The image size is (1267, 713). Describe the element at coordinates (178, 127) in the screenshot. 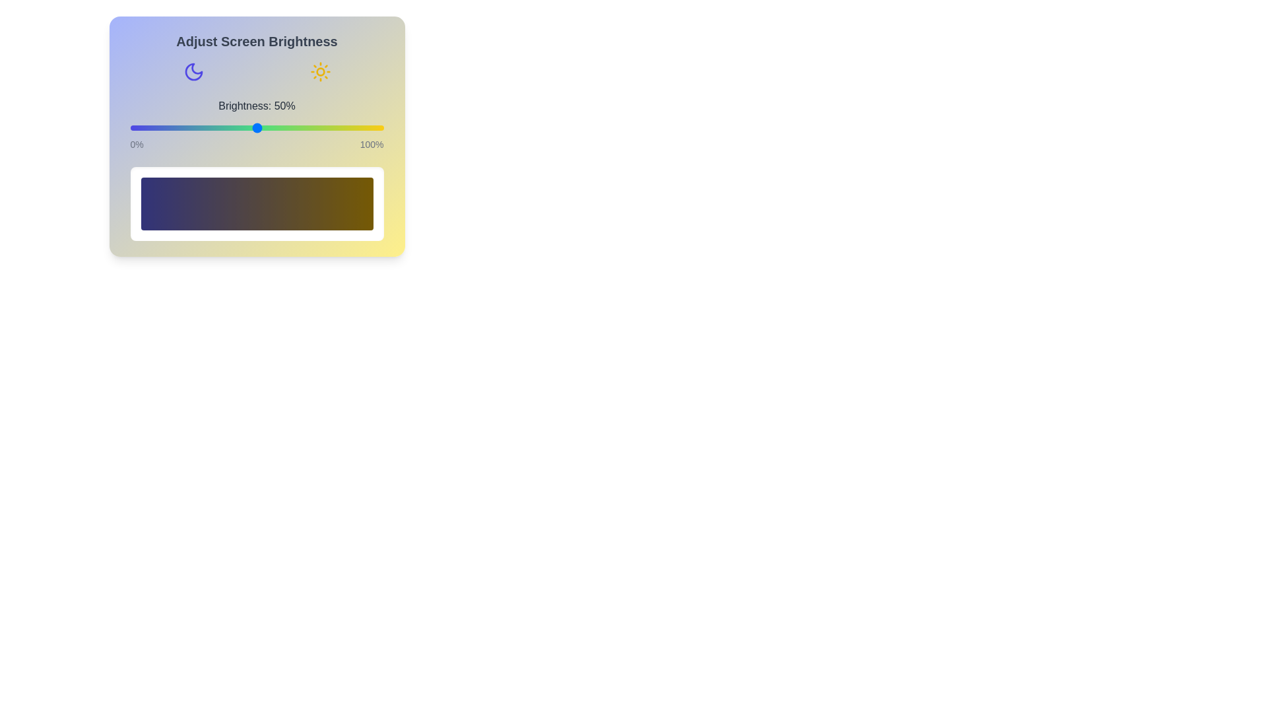

I see `the brightness slider to 19%` at that location.